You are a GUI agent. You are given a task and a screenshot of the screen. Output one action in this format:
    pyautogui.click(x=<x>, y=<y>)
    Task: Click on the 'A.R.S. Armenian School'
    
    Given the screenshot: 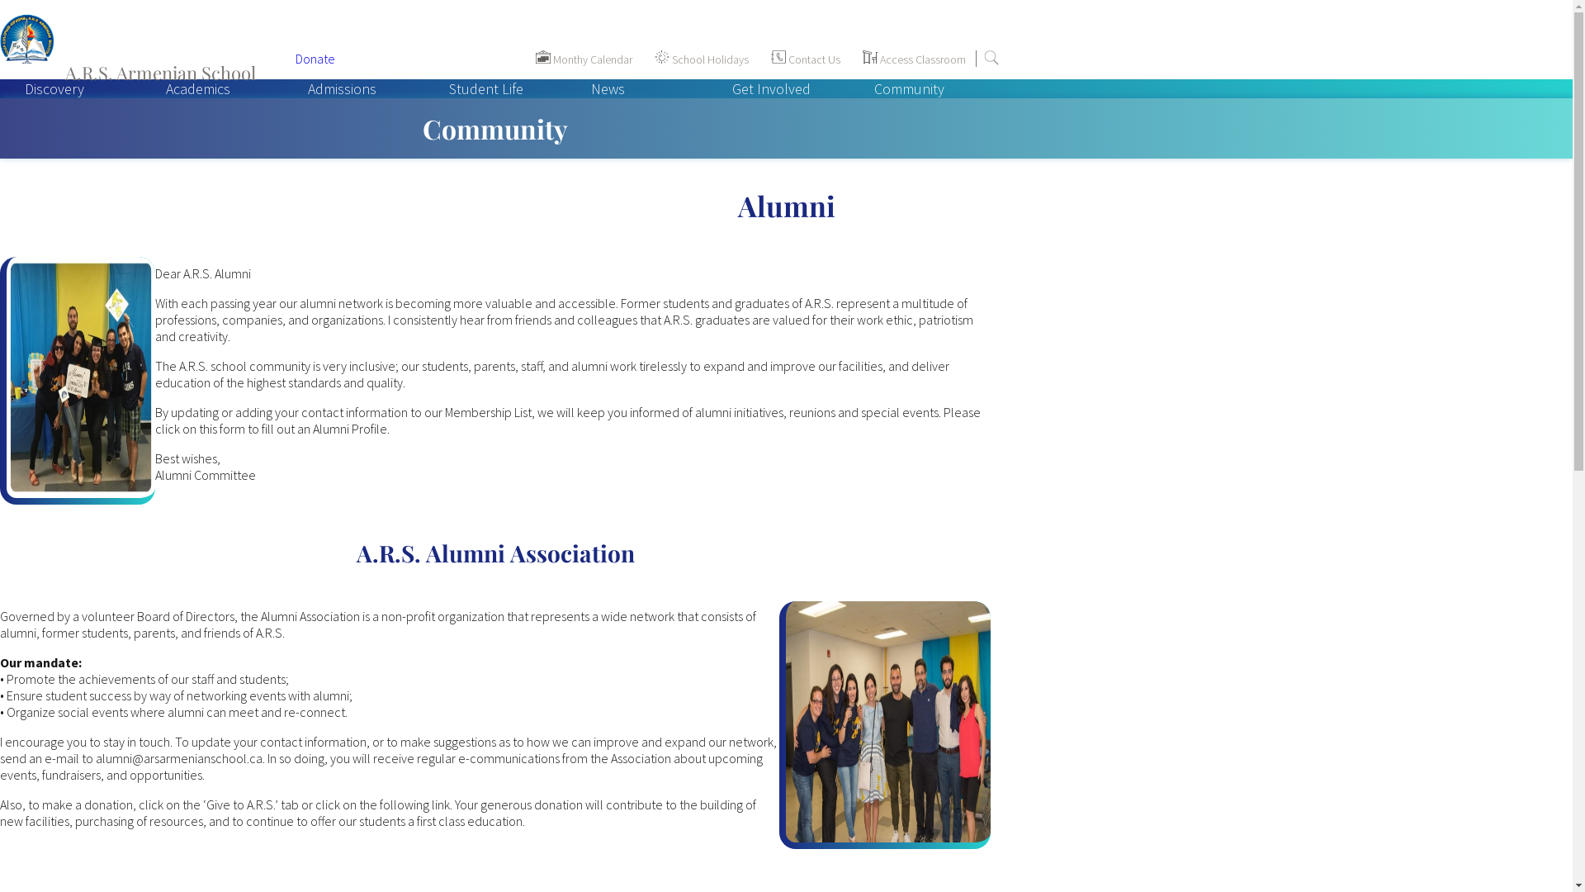 What is the action you would take?
    pyautogui.click(x=139, y=57)
    